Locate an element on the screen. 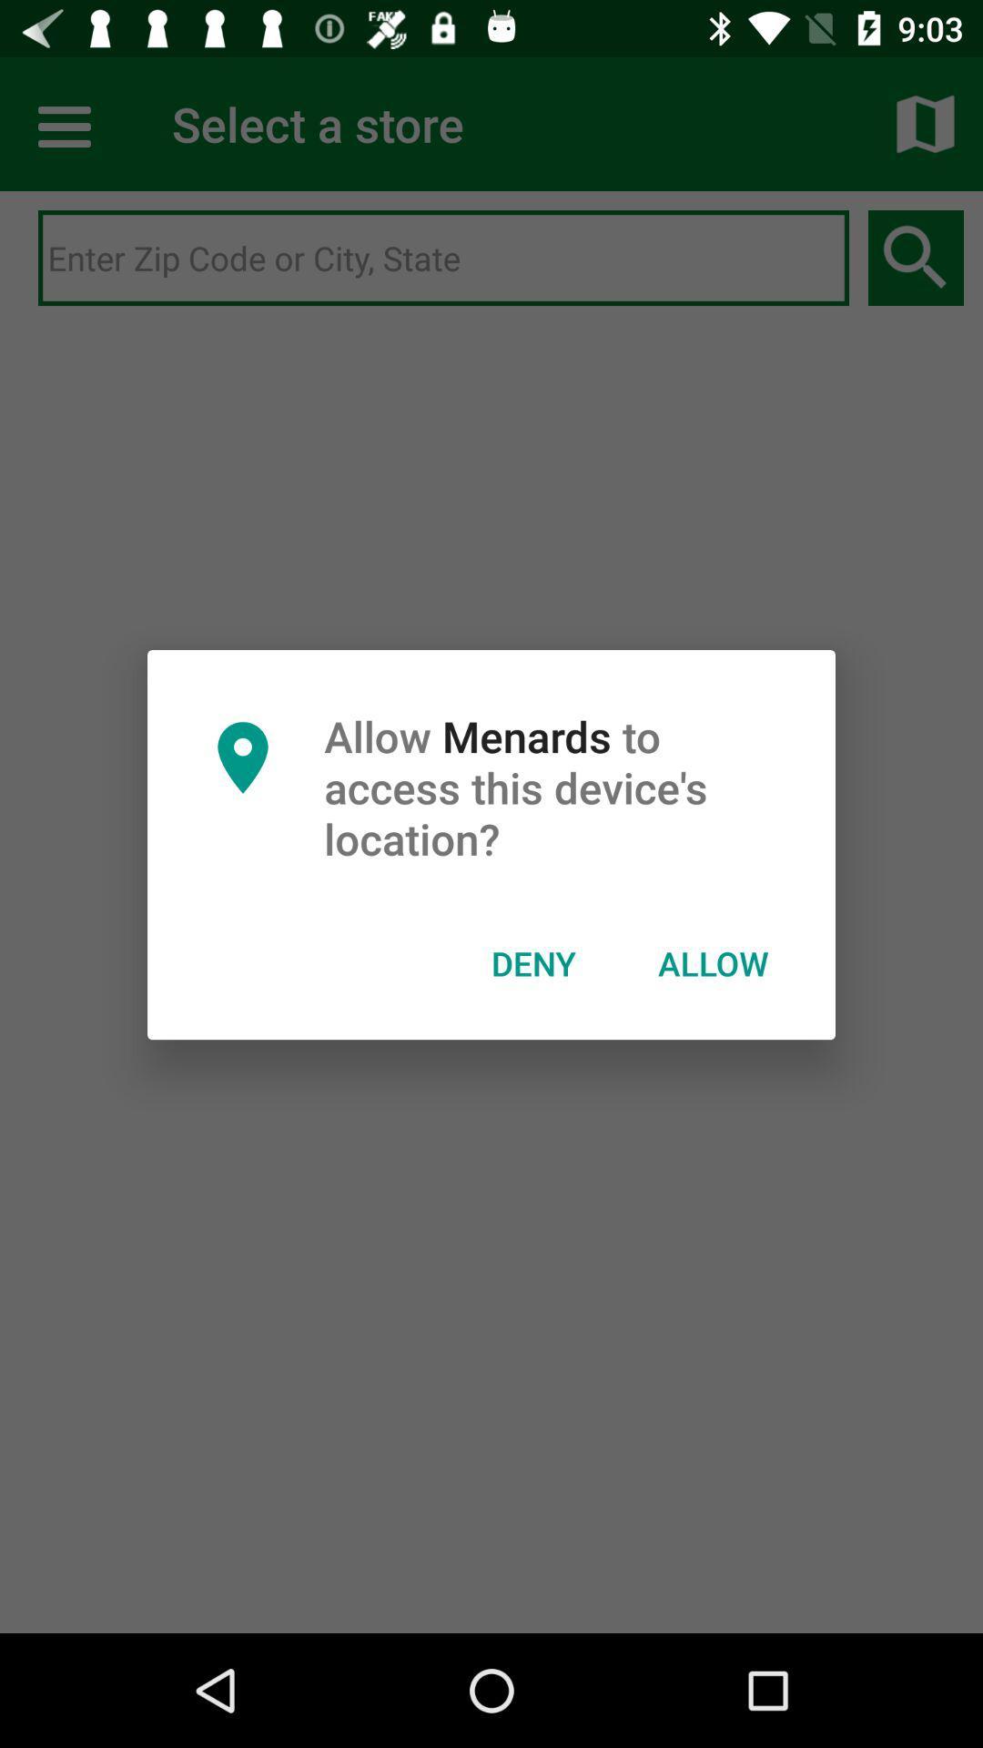  the search icon is located at coordinates (916, 258).